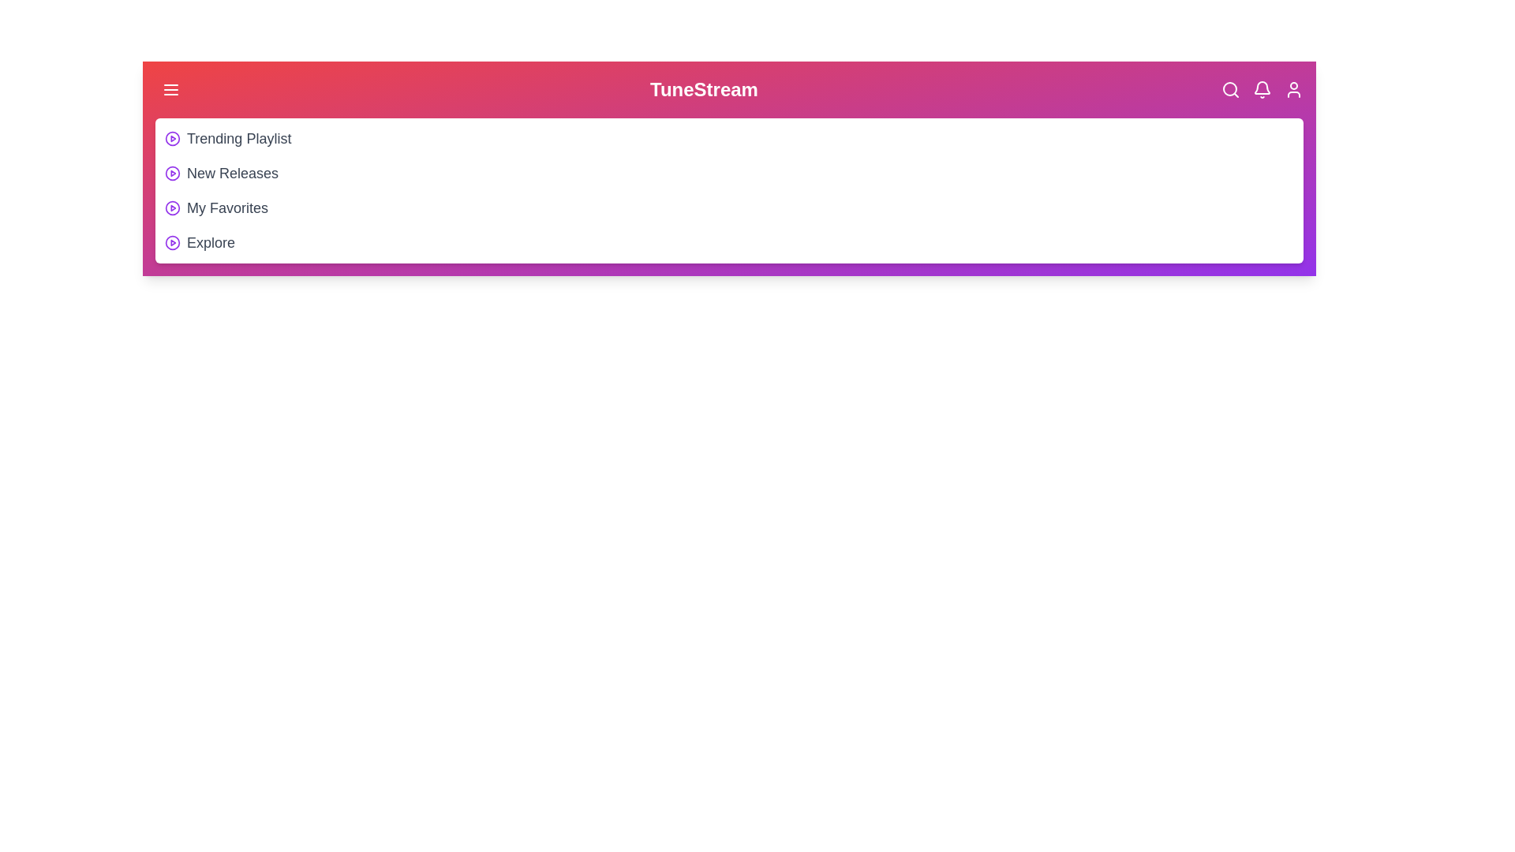 The height and width of the screenshot is (852, 1515). Describe the element at coordinates (226, 207) in the screenshot. I see `the playlist item My Favorites` at that location.